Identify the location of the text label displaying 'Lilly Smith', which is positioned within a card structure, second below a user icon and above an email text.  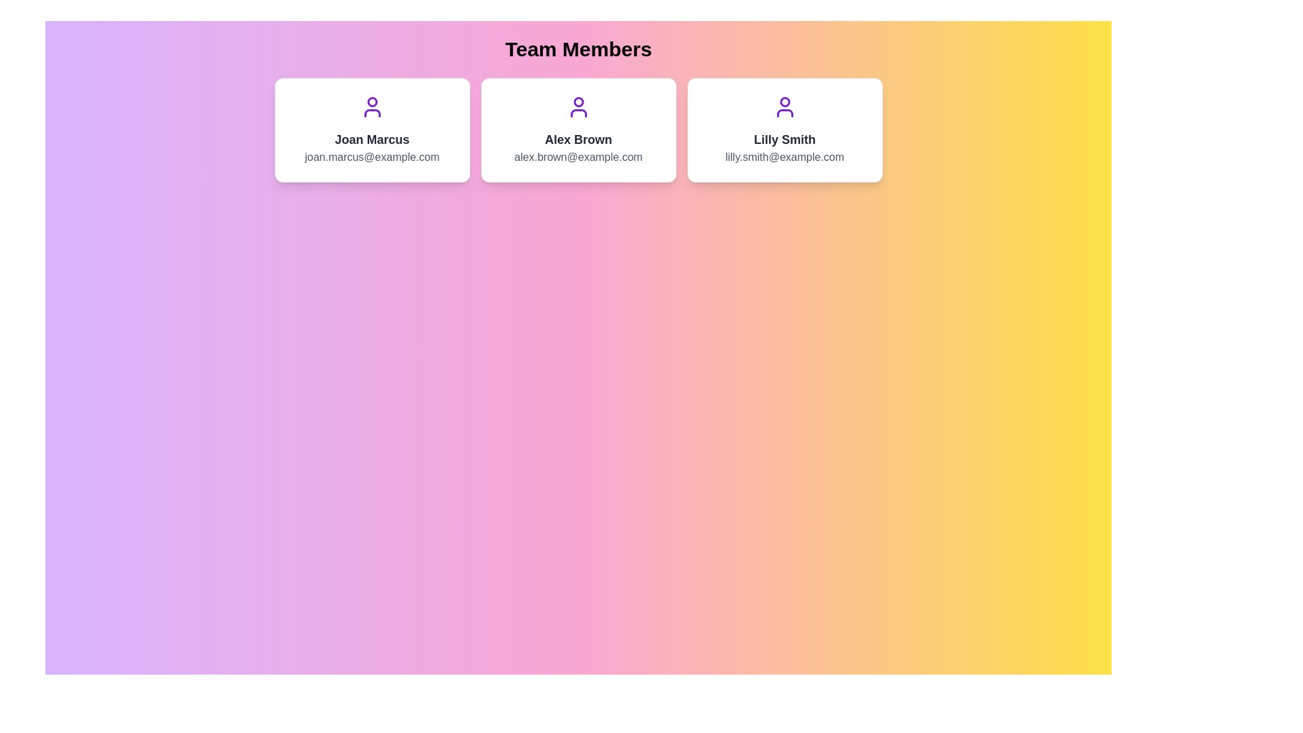
(785, 139).